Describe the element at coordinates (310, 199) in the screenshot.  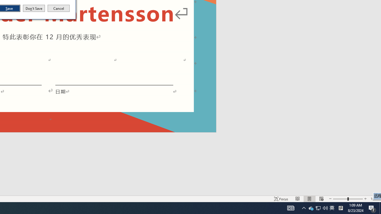
I see `'Web Layout'` at that location.